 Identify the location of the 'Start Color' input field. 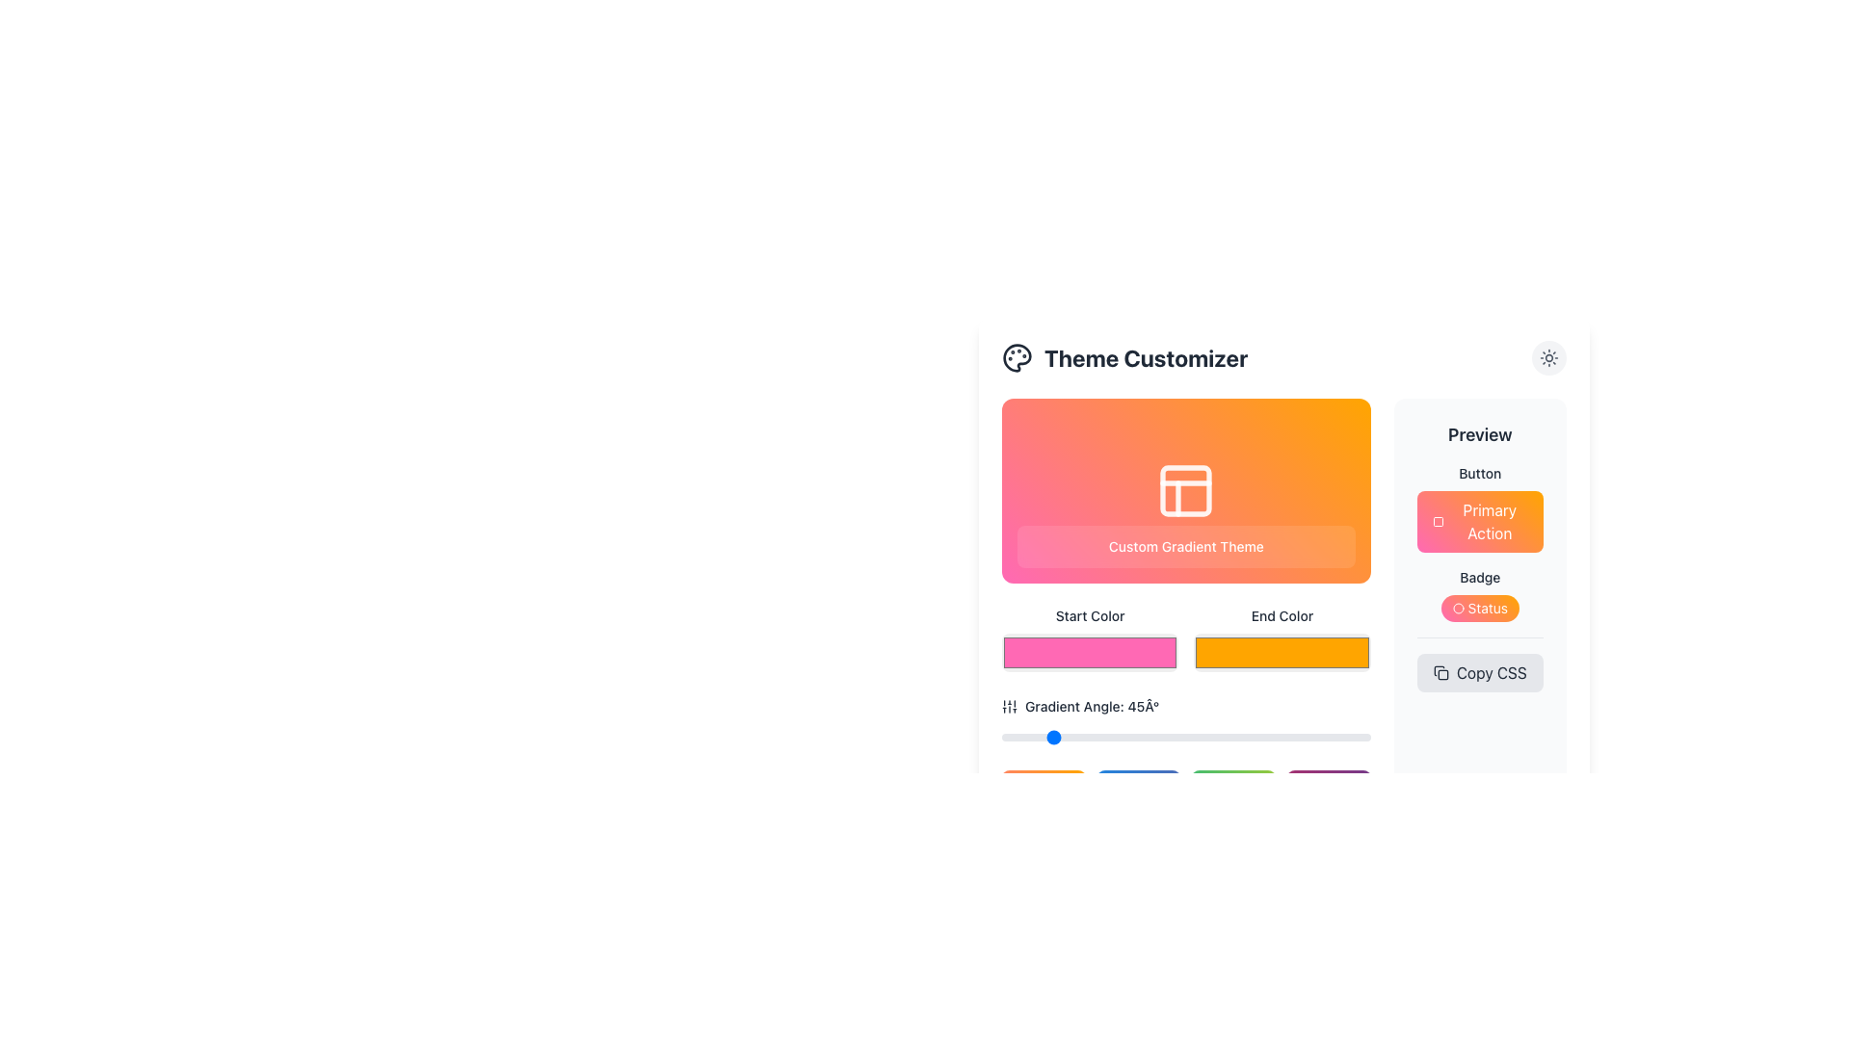
(1090, 639).